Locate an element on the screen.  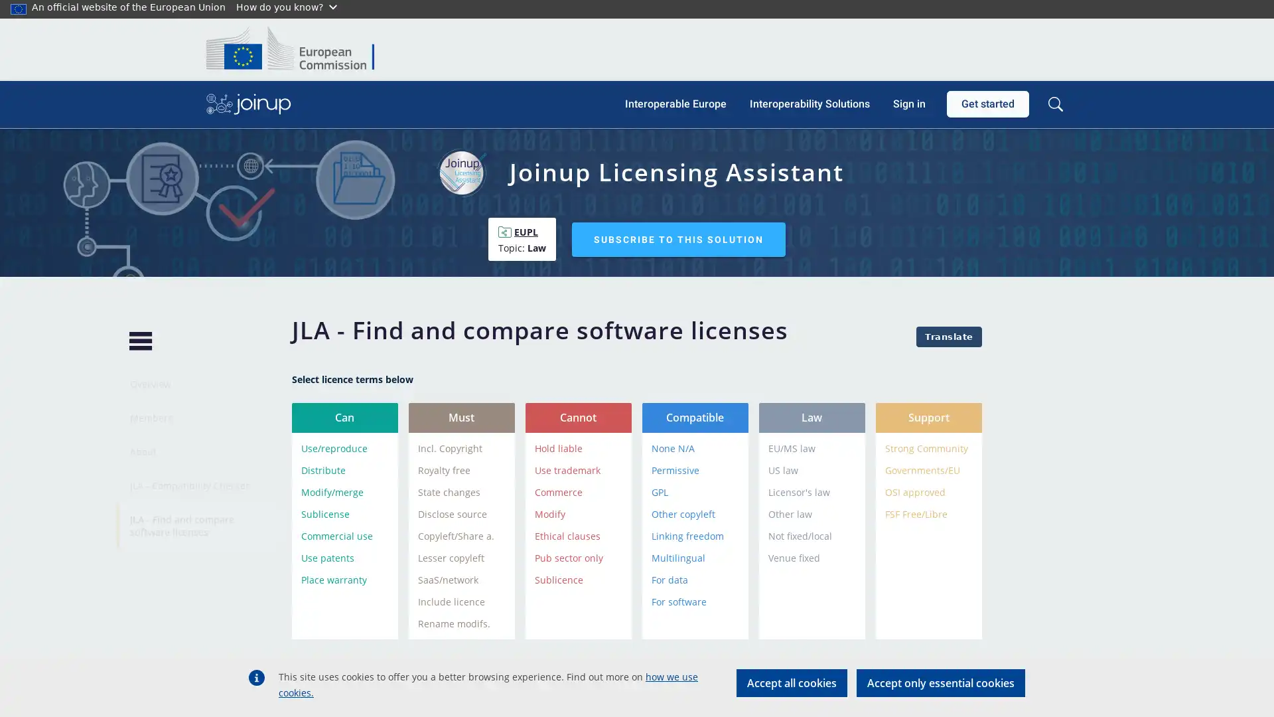
Toggle search box is located at coordinates (1054, 104).